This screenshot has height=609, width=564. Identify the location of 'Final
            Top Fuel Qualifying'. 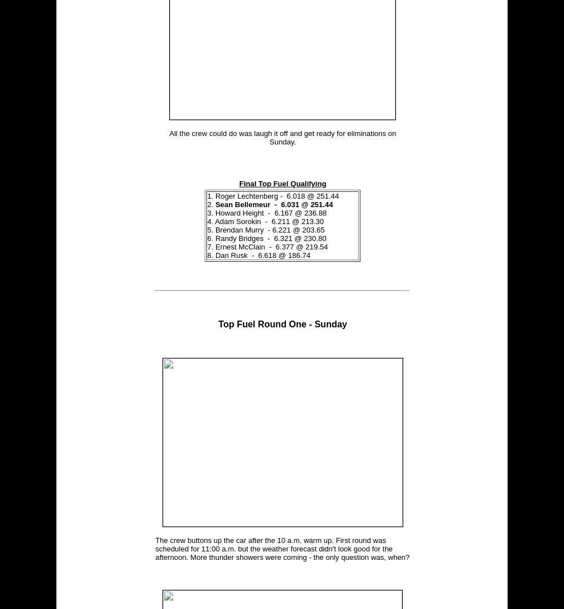
(283, 183).